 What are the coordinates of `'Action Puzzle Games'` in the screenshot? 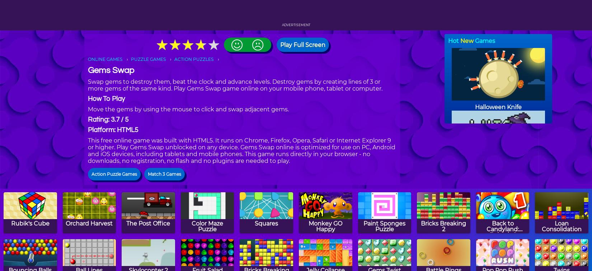 It's located at (114, 174).